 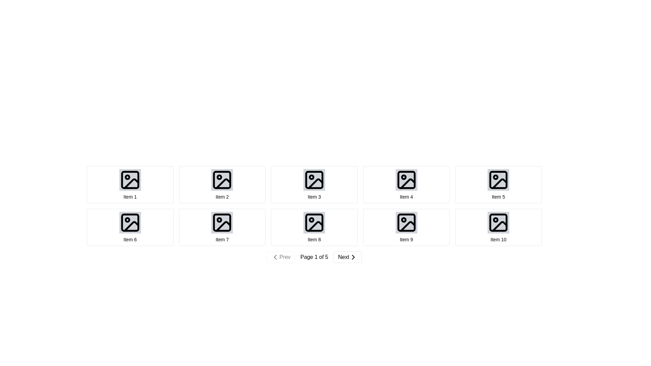 I want to click on the small square with rounded corners styled in a dark color, which is centered within the ninth icon in the grid representing an image frame, so click(x=406, y=222).